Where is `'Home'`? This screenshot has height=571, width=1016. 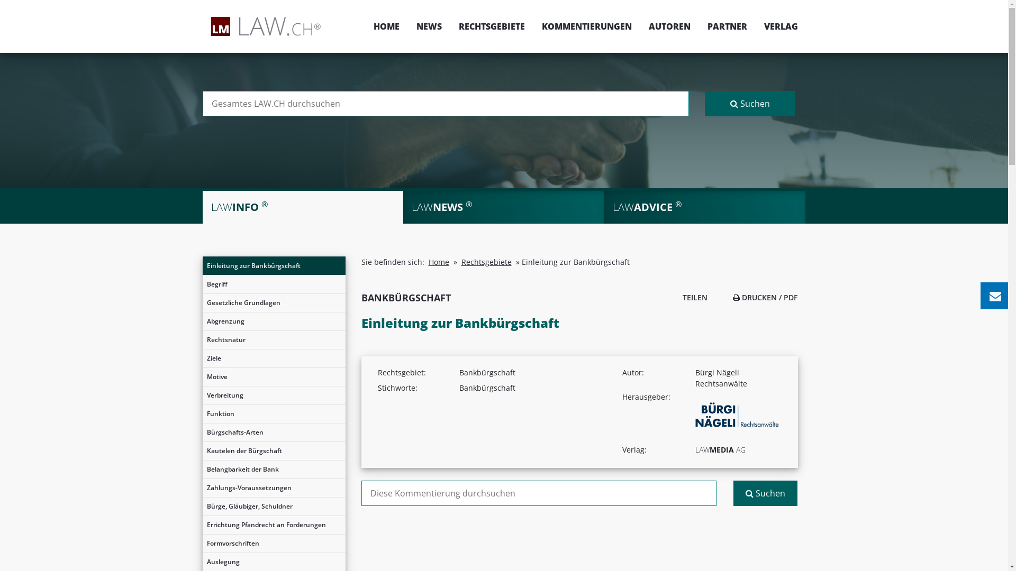
'Home' is located at coordinates (439, 262).